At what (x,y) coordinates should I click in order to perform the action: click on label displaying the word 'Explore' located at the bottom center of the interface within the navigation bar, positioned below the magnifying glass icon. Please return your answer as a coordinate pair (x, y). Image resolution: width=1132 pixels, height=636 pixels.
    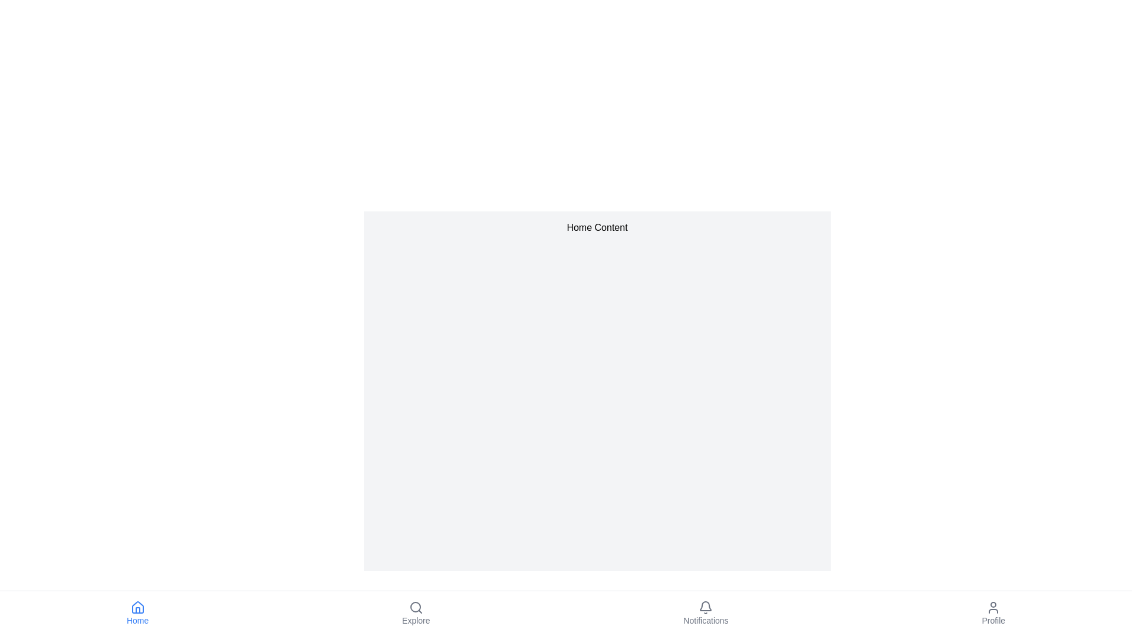
    Looking at the image, I should click on (416, 620).